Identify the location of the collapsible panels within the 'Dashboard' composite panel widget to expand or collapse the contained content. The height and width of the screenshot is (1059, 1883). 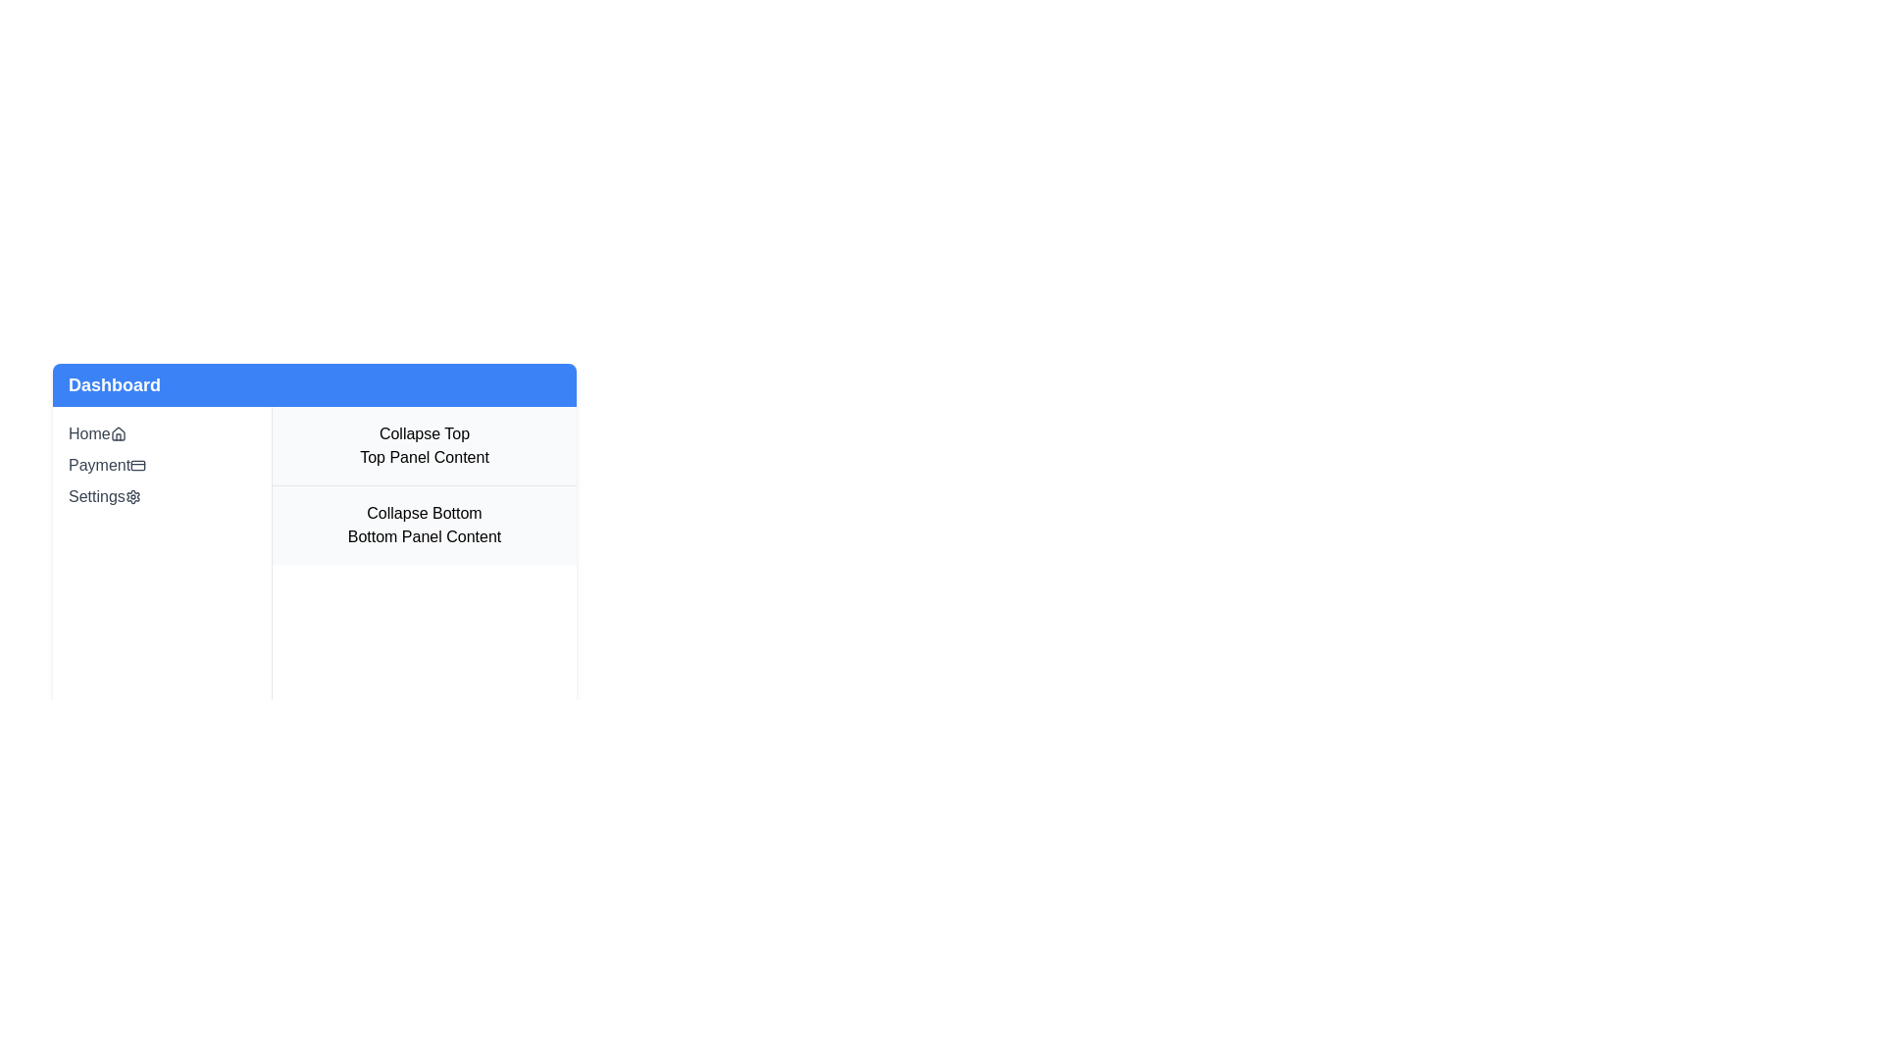
(315, 518).